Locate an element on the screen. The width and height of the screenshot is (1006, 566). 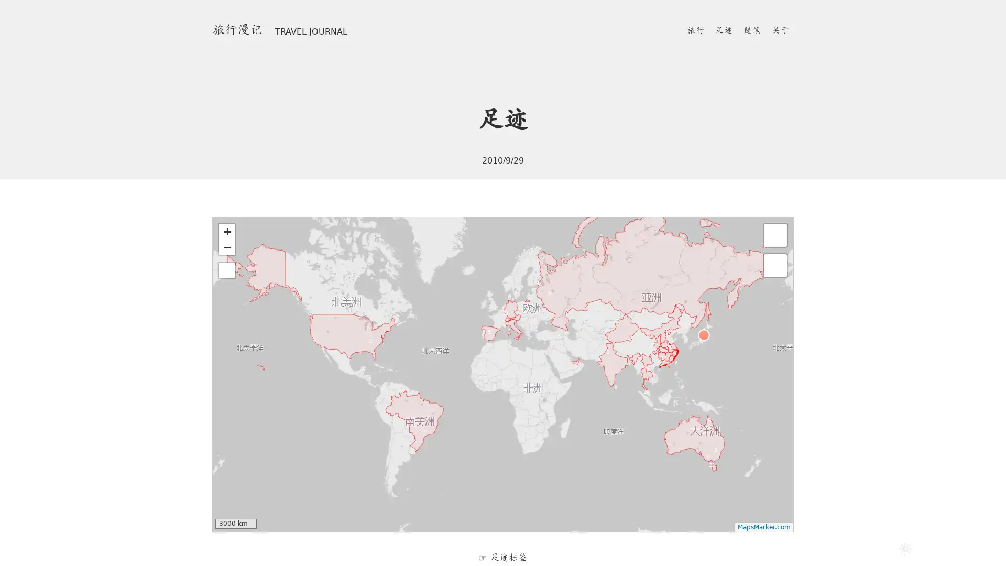
3 is located at coordinates (317, 342).